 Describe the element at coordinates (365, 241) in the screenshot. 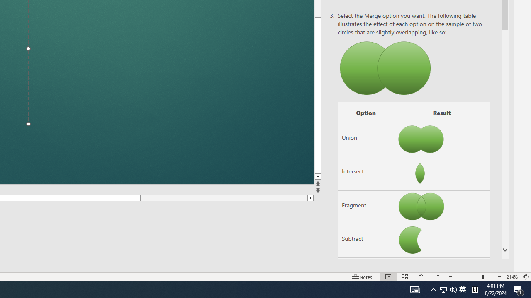

I see `'Subtract'` at that location.